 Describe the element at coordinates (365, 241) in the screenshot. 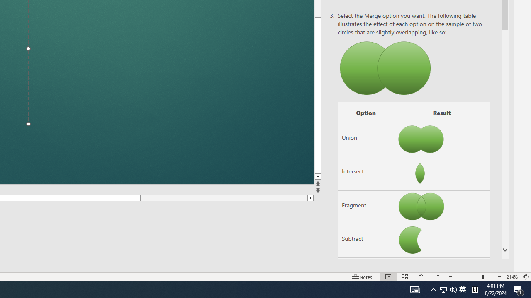

I see `'Subtract'` at that location.